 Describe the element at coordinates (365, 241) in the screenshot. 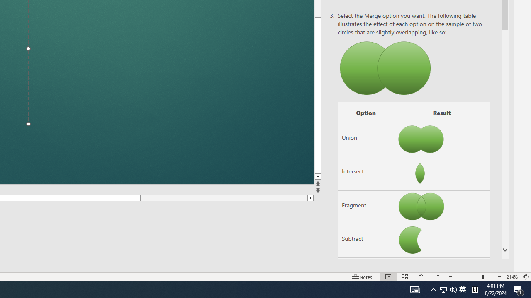

I see `'Subtract'` at that location.